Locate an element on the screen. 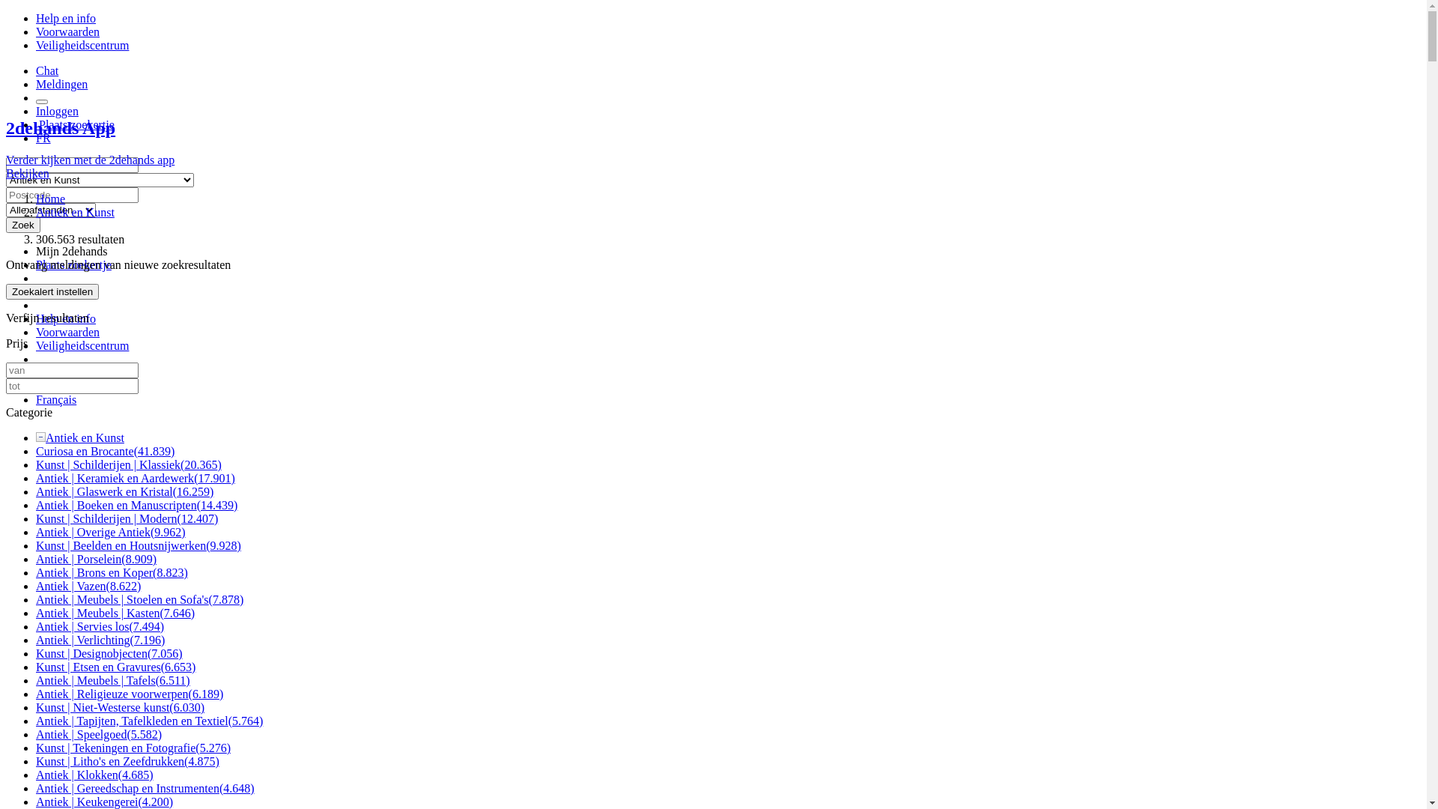 The image size is (1438, 809). 'Antiek | Speelgoed(5.582)' is located at coordinates (98, 733).